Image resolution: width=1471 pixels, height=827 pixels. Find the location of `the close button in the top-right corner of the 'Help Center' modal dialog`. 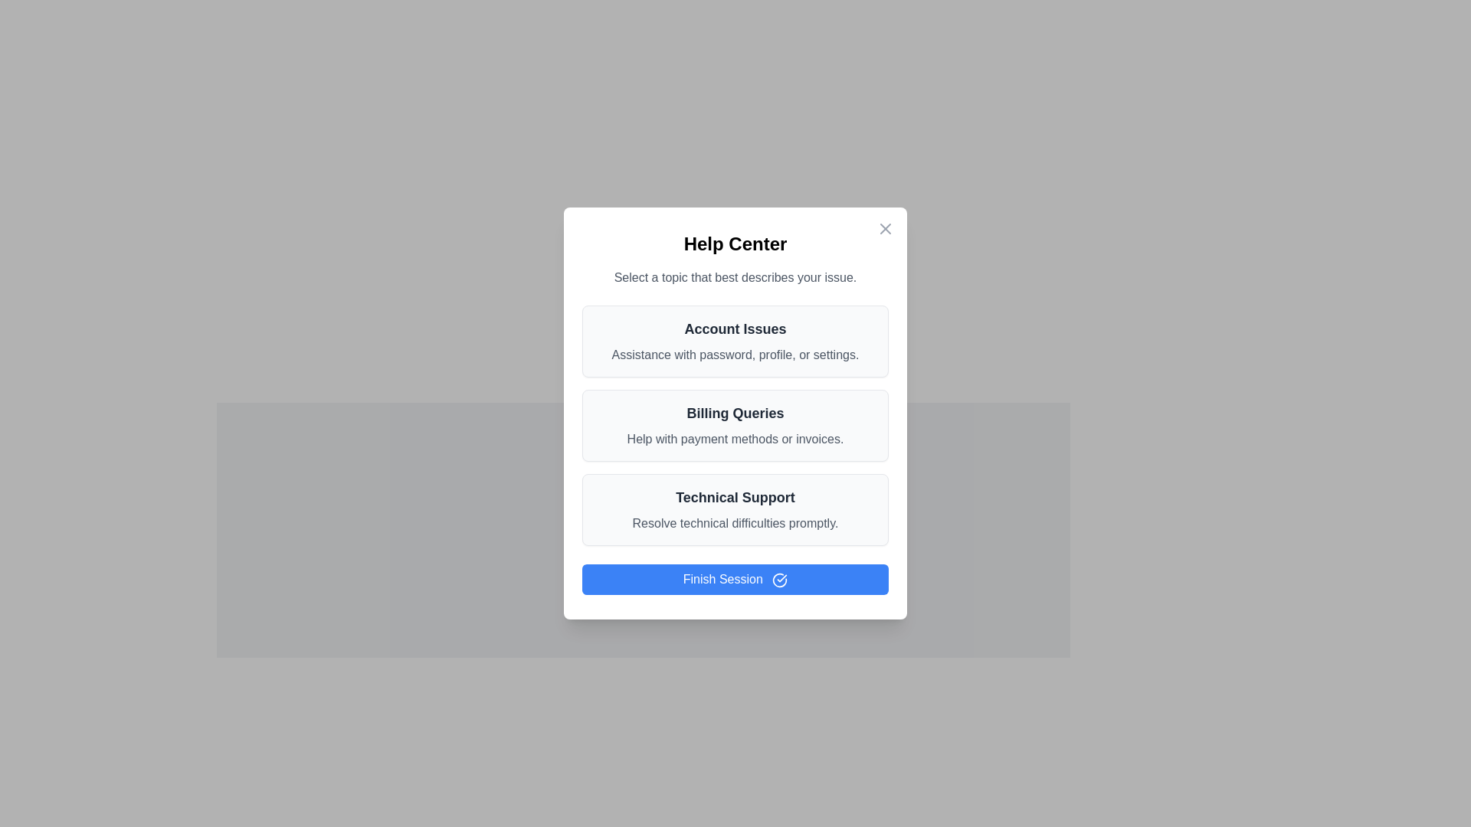

the close button in the top-right corner of the 'Help Center' modal dialog is located at coordinates (886, 229).